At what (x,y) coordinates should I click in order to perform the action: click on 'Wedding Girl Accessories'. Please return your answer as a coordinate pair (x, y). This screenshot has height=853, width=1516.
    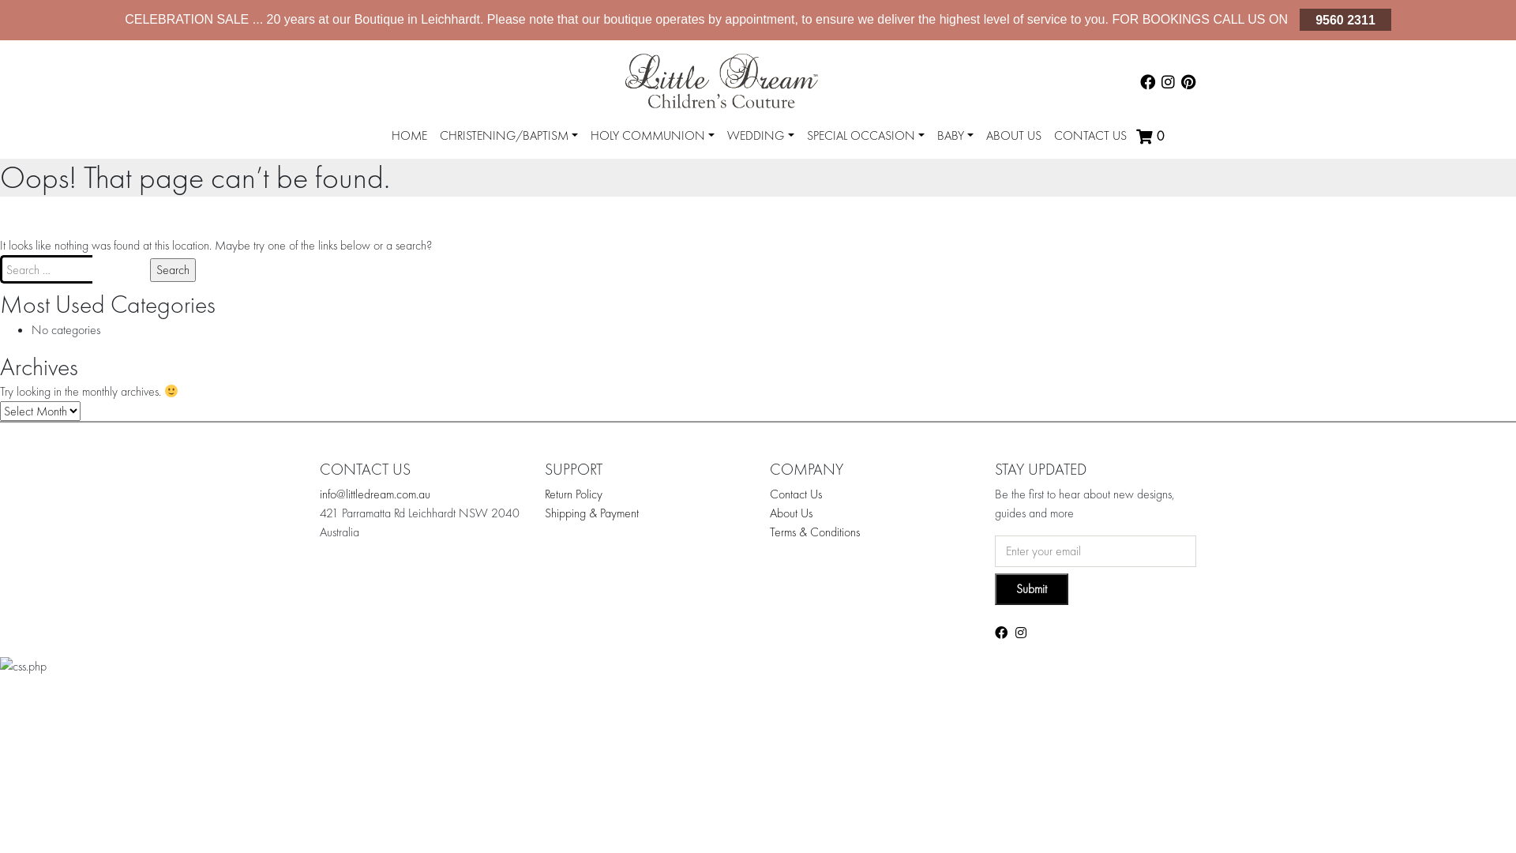
    Looking at the image, I should click on (745, 170).